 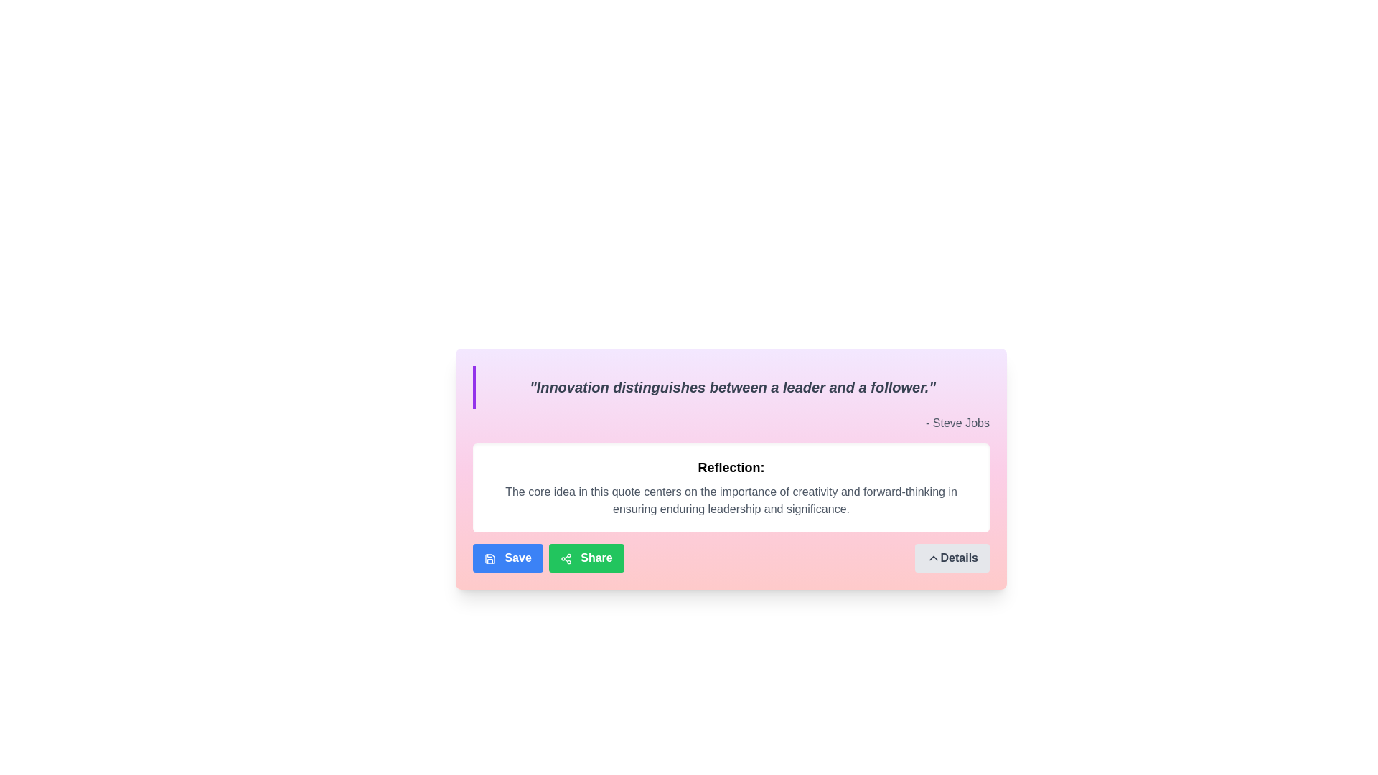 What do you see at coordinates (548, 558) in the screenshot?
I see `the grouped interactive buttons labeled 'Save' and 'Share'` at bounding box center [548, 558].